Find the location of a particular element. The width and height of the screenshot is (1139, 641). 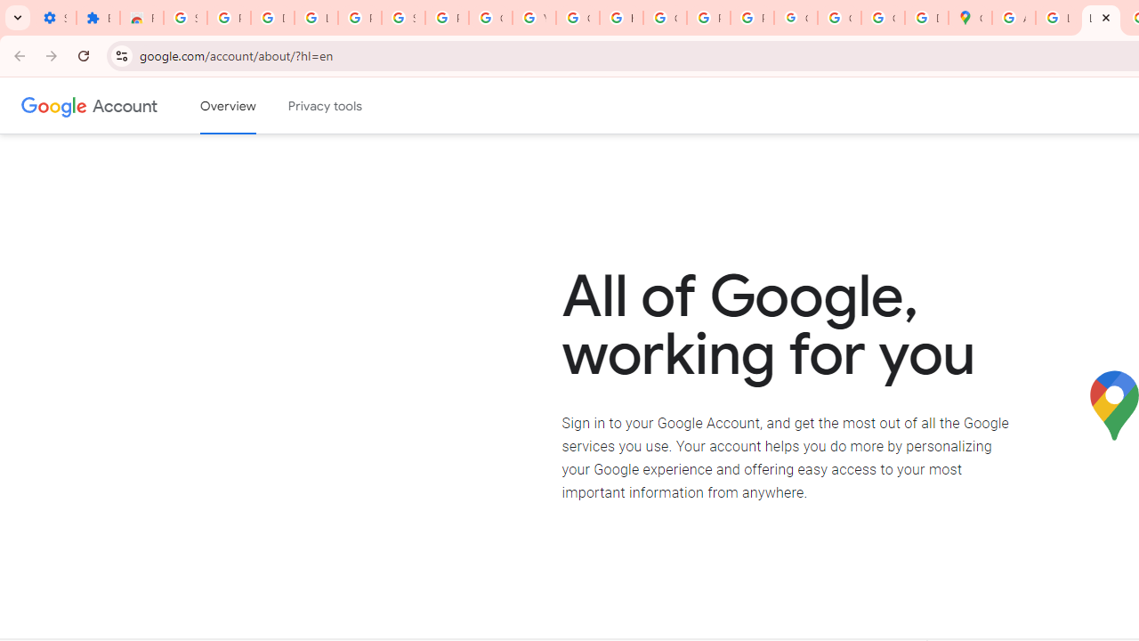

'Google Maps' is located at coordinates (969, 18).